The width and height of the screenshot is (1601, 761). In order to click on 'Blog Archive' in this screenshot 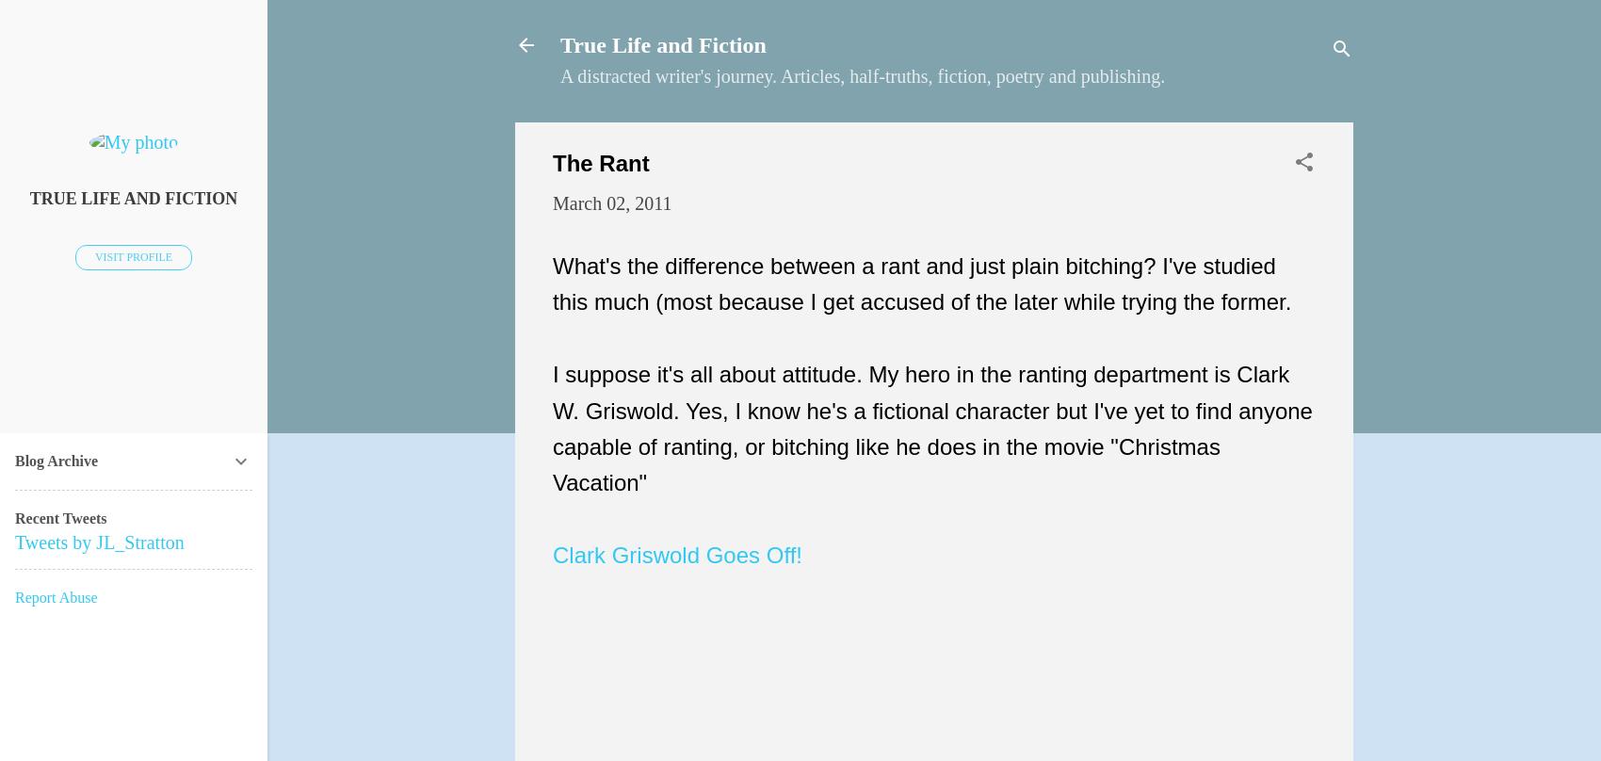, I will do `click(57, 461)`.